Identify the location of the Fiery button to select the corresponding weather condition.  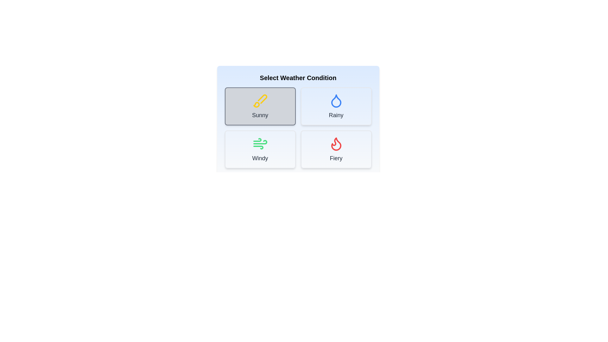
(336, 149).